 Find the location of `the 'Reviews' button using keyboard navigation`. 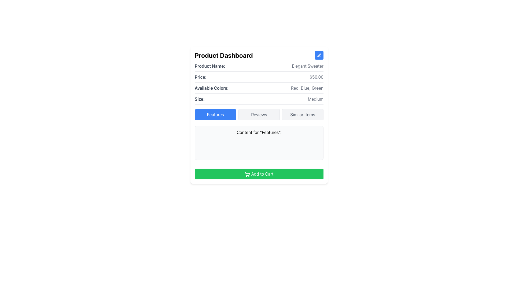

the 'Reviews' button using keyboard navigation is located at coordinates (259, 114).